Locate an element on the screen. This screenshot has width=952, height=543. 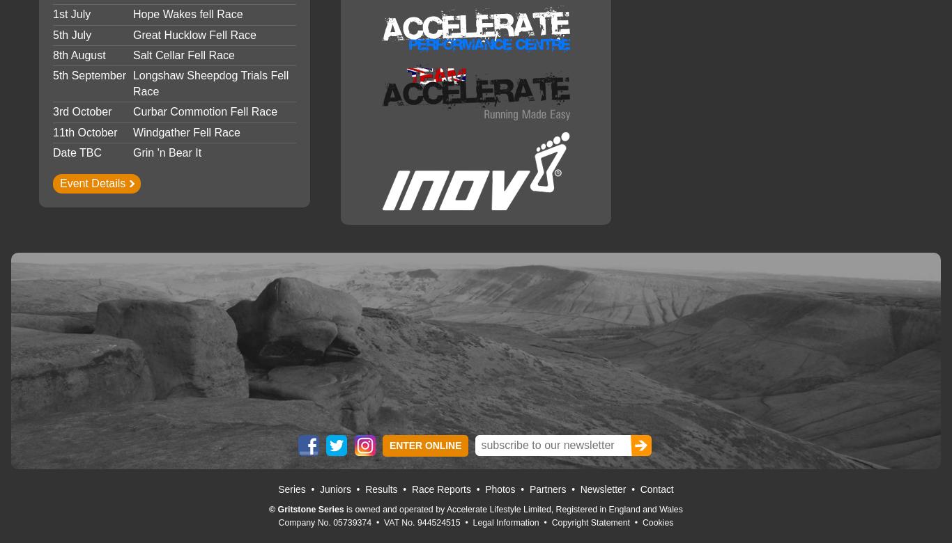
'1st July' is located at coordinates (71, 14).